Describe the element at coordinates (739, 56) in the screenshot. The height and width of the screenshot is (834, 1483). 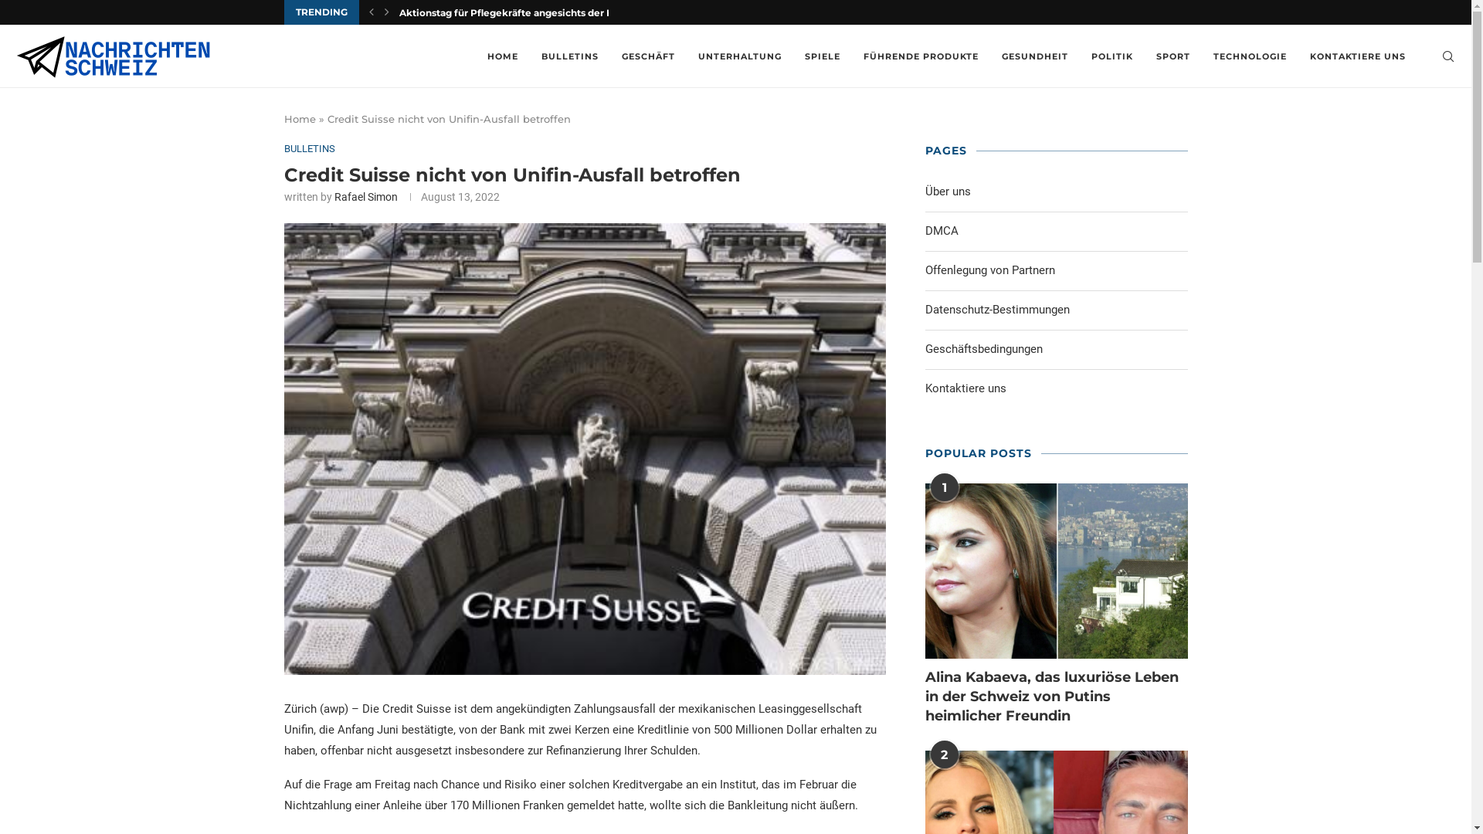
I see `'UNTERHALTUNG'` at that location.